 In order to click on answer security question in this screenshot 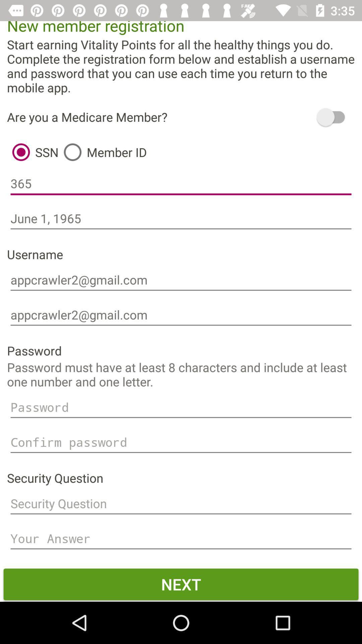, I will do `click(181, 539)`.